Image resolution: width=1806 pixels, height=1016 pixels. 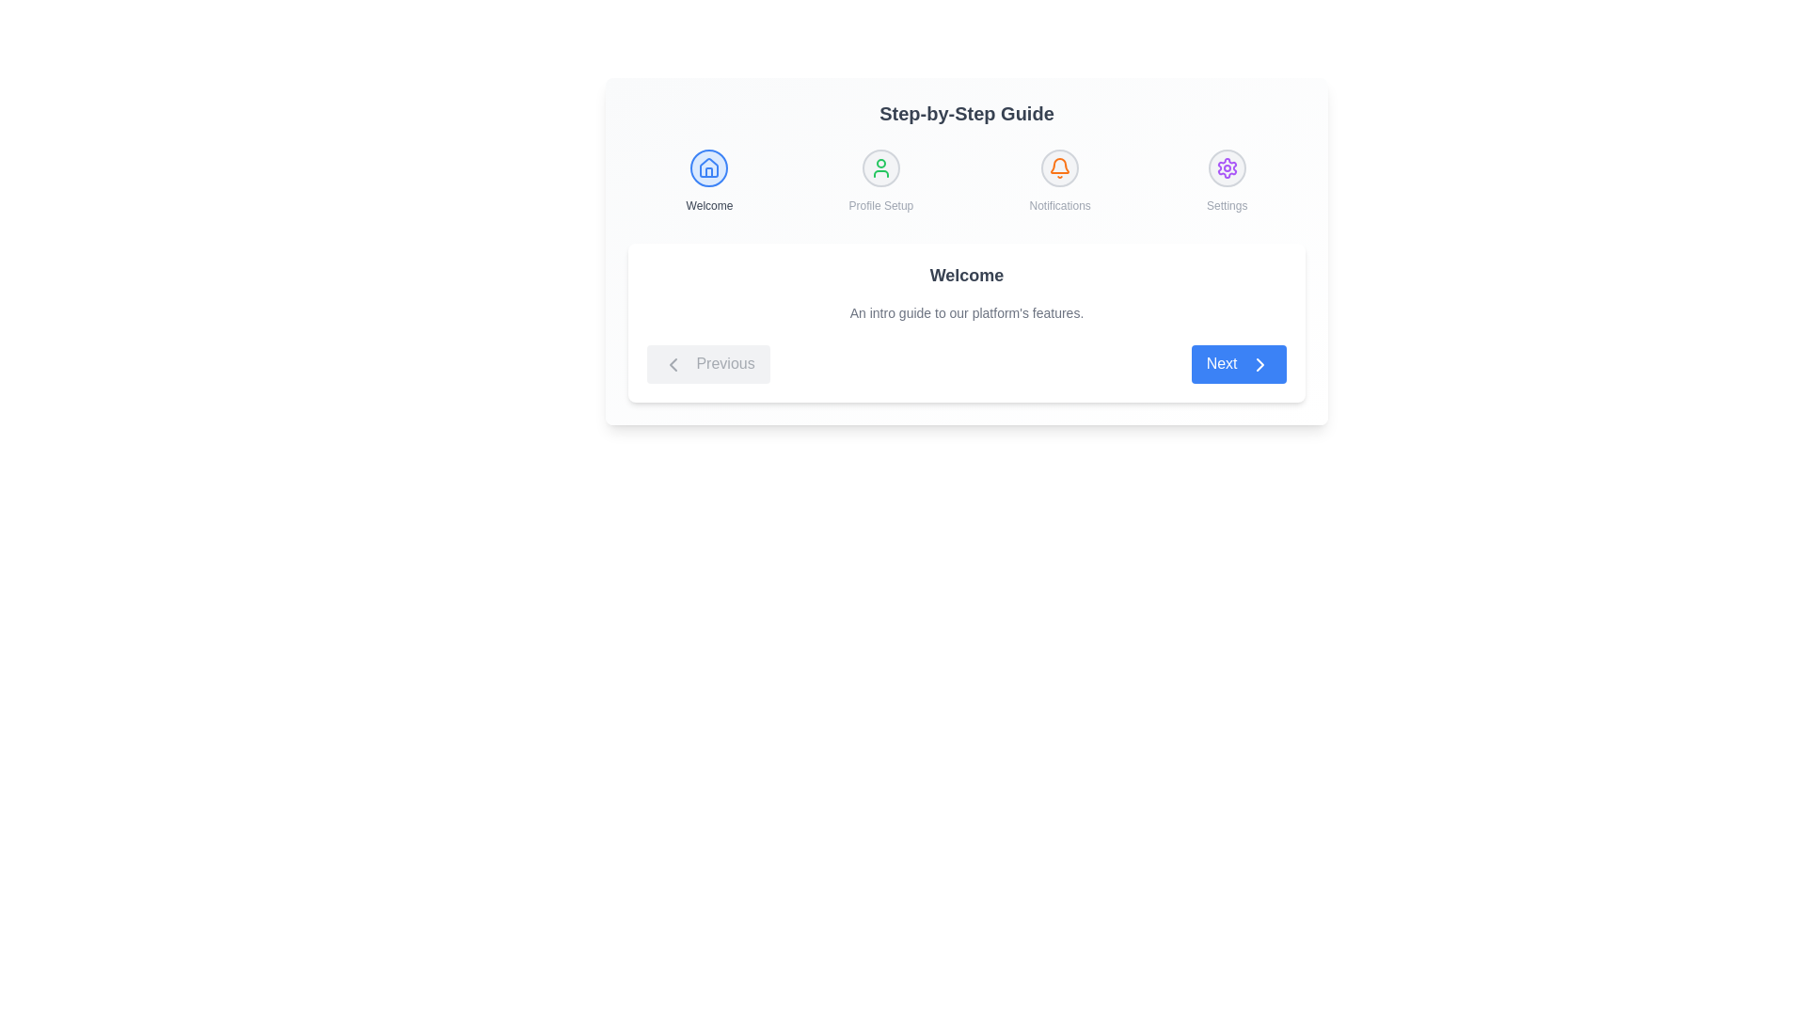 What do you see at coordinates (708, 181) in the screenshot?
I see `the Navigation button labeled 'Welcome', which features a circular icon with a blue border and a house symbol, located at the top-left section of the 'Step-by-Step Guide.'` at bounding box center [708, 181].